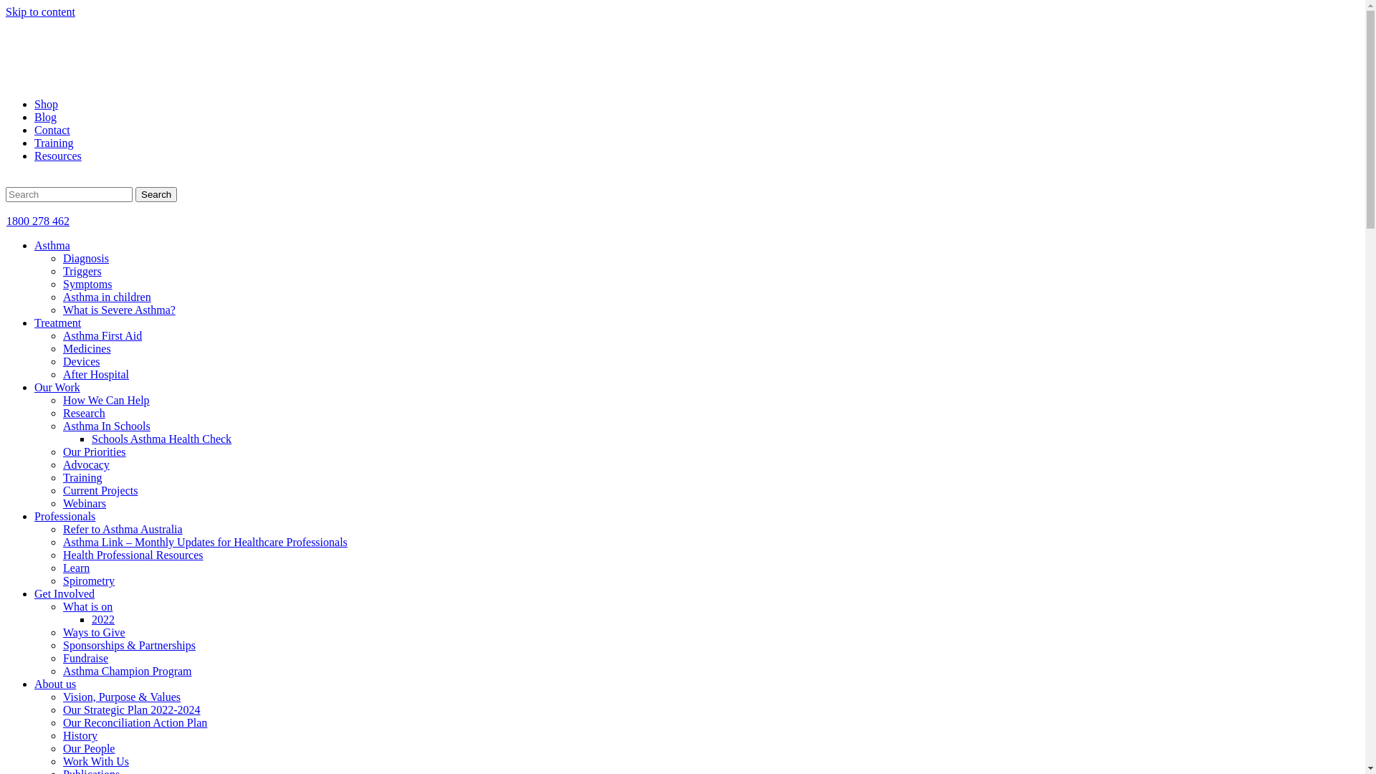  I want to click on 'Diagnosis', so click(85, 258).